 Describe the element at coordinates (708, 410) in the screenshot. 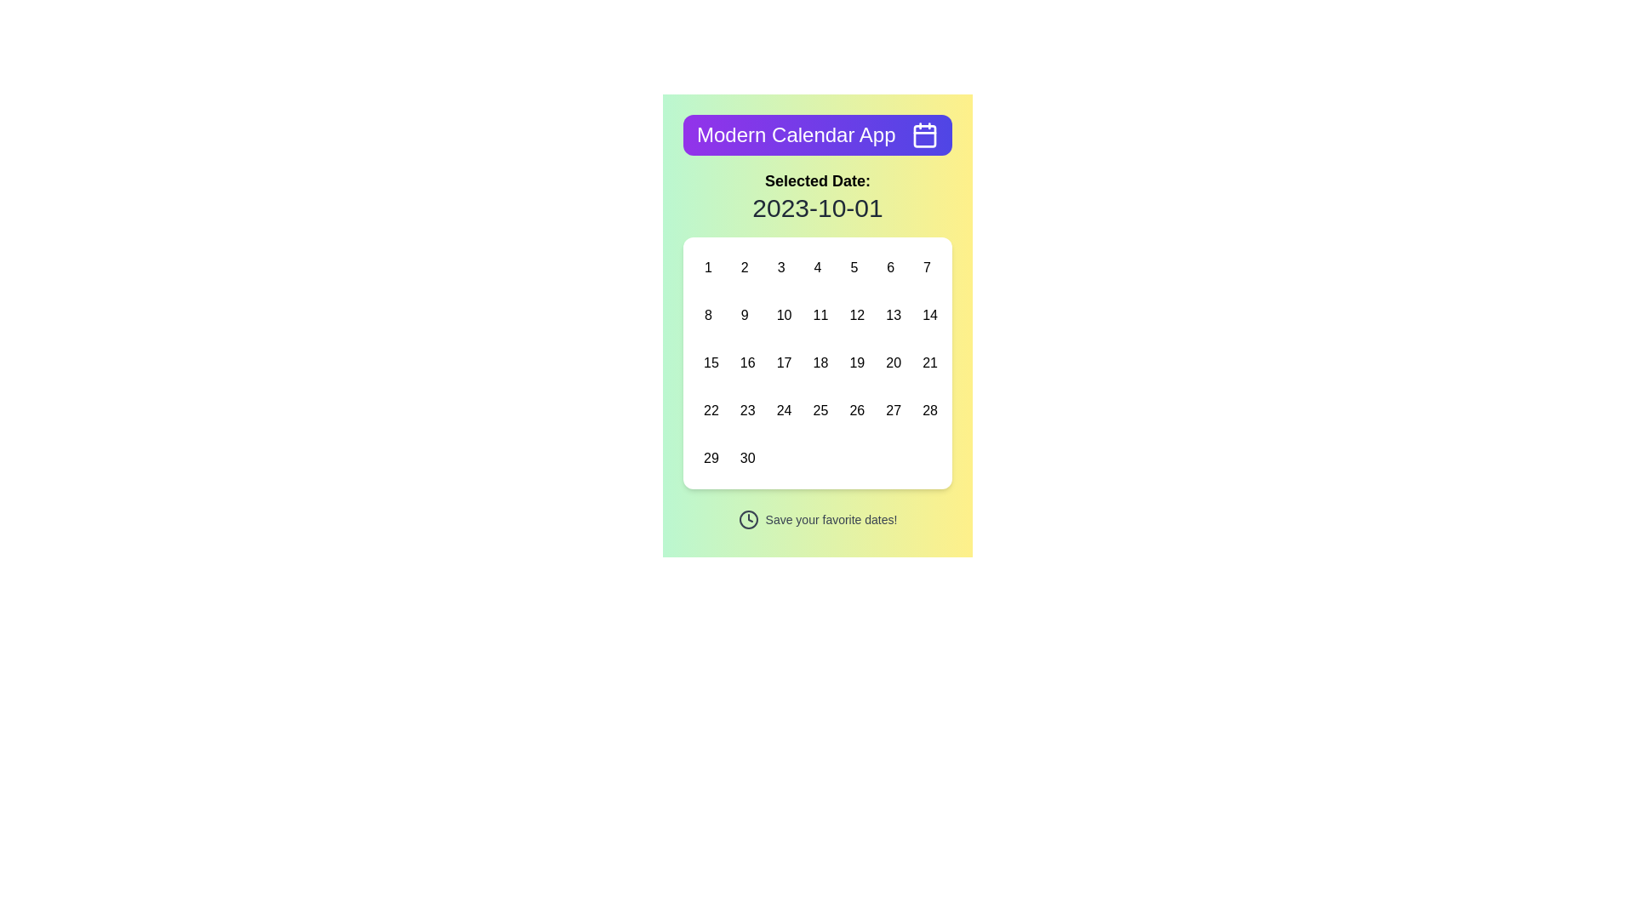

I see `the interactive calendar date cell located in the fourth row and first column of the calendar grid` at that location.